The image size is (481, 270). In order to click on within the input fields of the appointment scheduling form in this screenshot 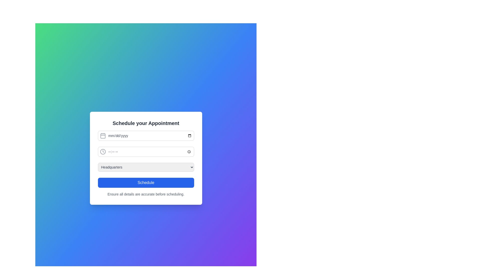, I will do `click(146, 158)`.